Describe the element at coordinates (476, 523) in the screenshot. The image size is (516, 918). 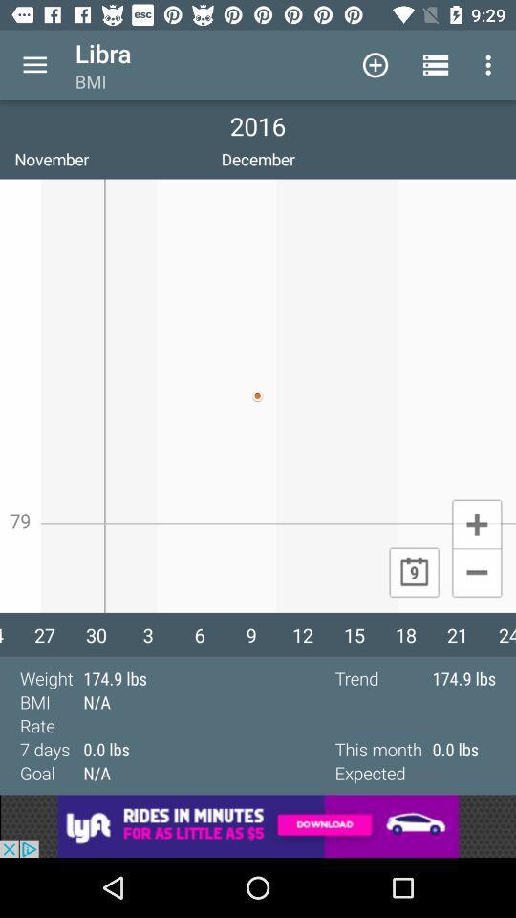
I see `zoom in` at that location.